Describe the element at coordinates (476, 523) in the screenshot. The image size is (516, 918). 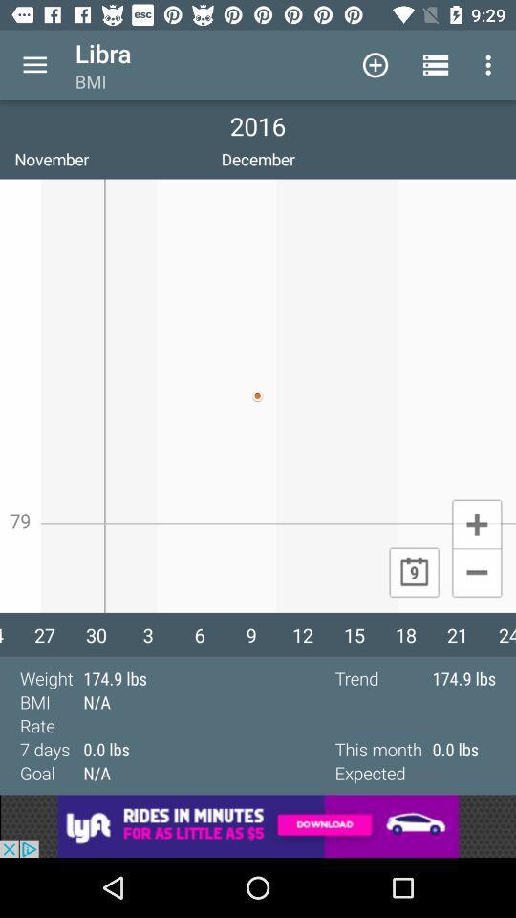
I see `zoom in` at that location.